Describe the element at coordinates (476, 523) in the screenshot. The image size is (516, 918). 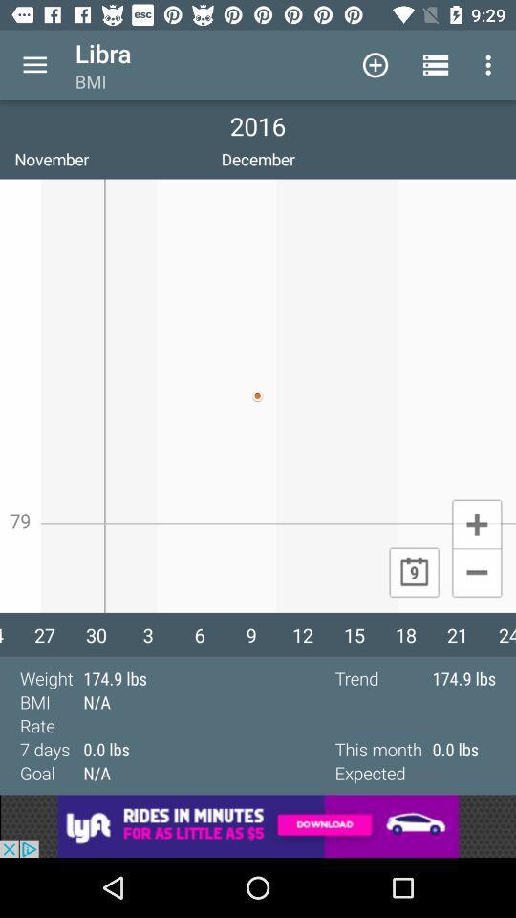
I see `zoom in` at that location.